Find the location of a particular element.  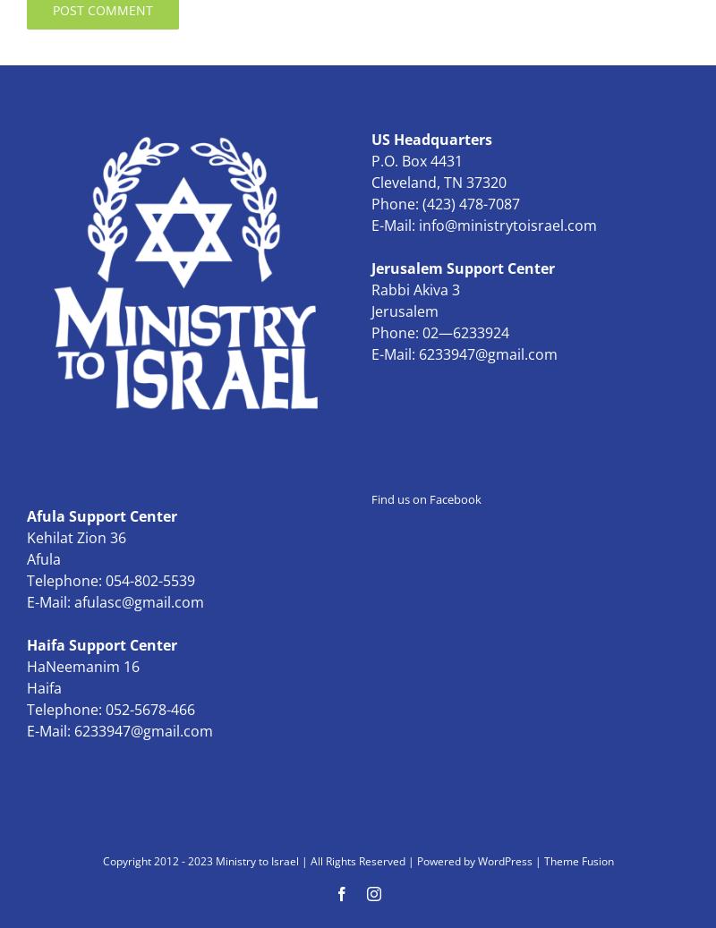

'afulasc@gmail.com' is located at coordinates (139, 602).